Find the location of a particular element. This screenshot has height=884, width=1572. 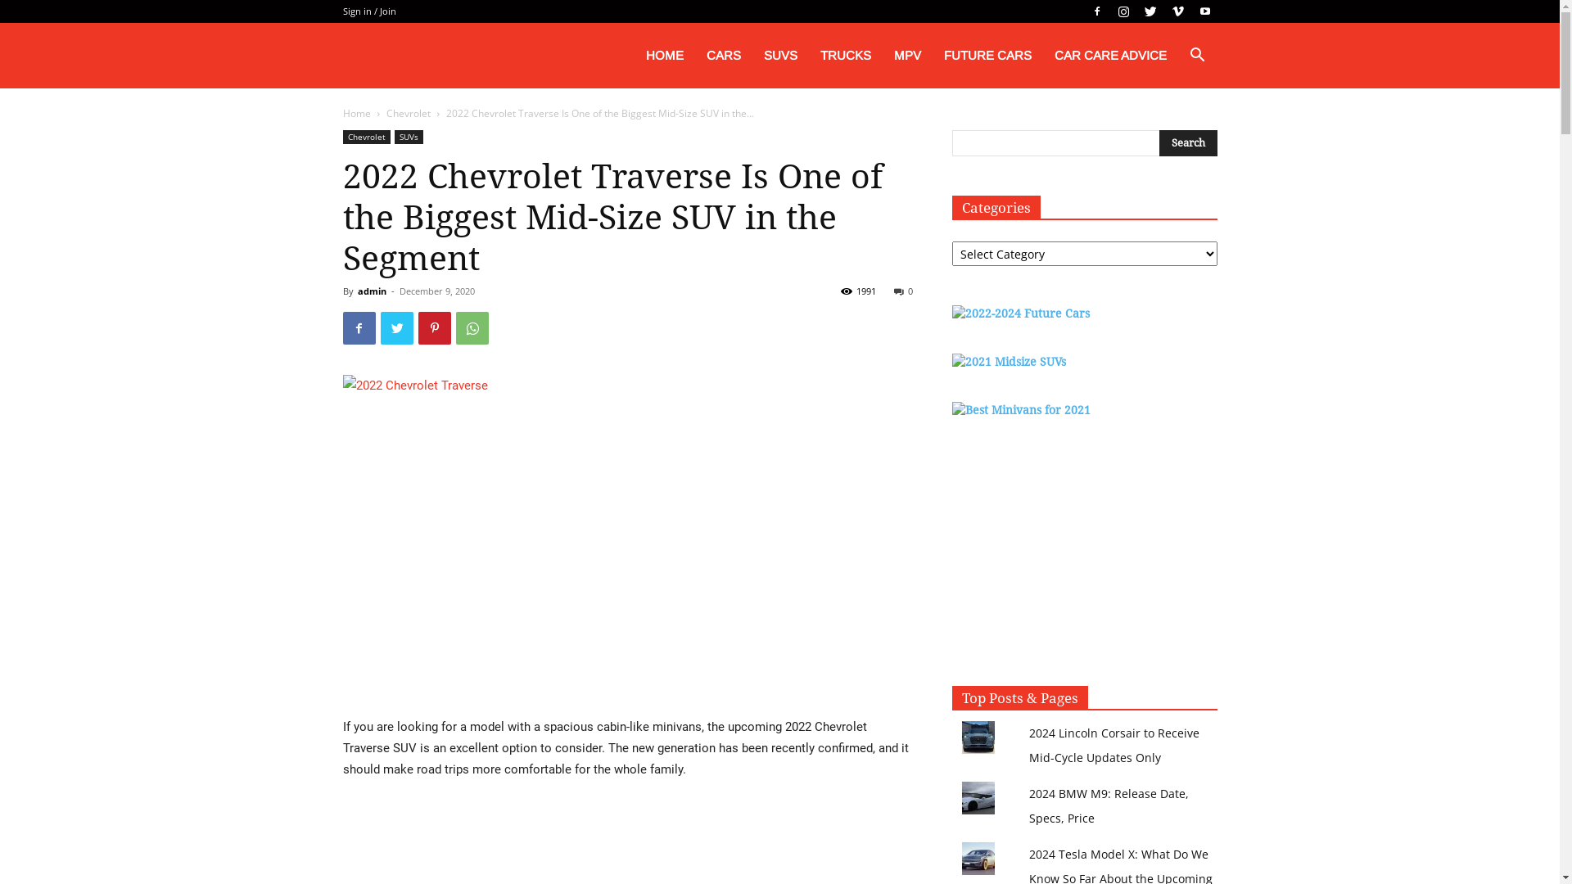

'SUVs' is located at coordinates (394, 136).